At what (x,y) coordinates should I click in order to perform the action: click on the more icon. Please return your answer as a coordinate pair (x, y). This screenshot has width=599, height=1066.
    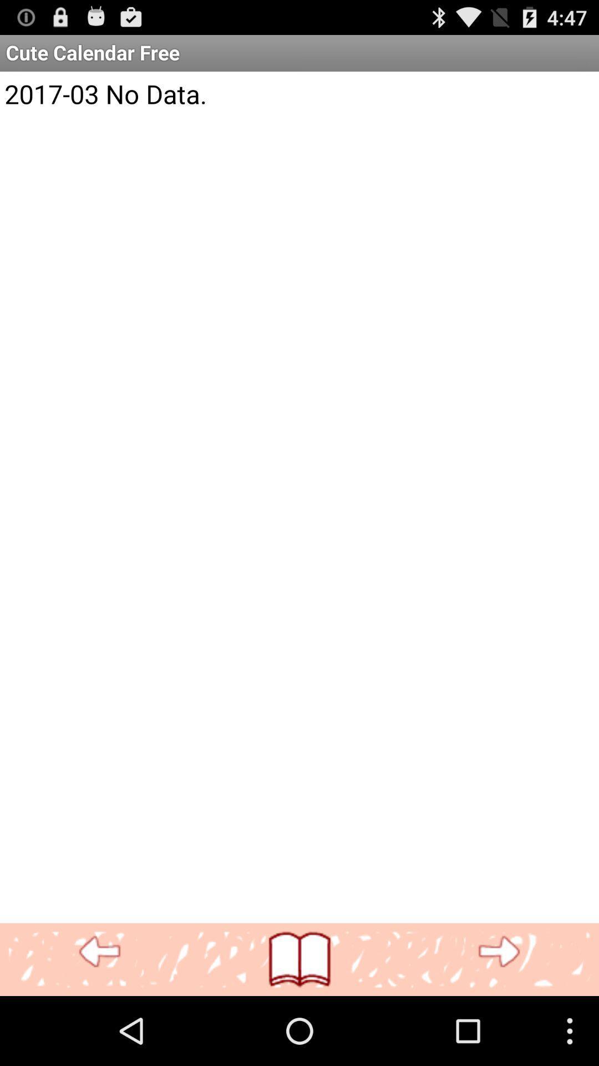
    Looking at the image, I should click on (100, 1019).